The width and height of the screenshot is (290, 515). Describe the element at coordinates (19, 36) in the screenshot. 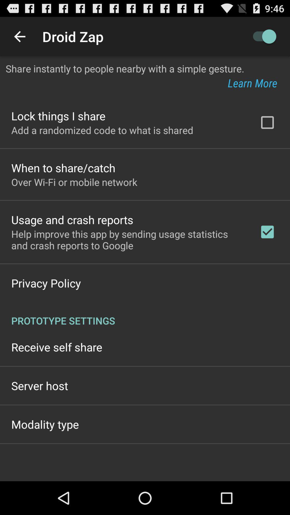

I see `app to the left of droid zap` at that location.